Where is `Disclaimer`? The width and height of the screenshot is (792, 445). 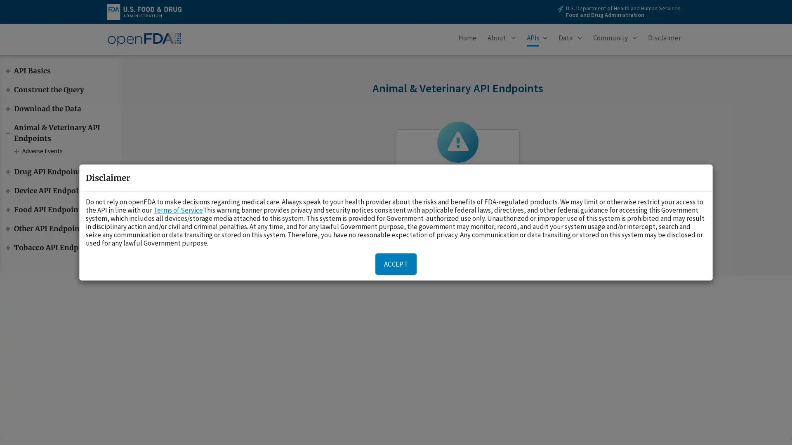 Disclaimer is located at coordinates (665, 40).